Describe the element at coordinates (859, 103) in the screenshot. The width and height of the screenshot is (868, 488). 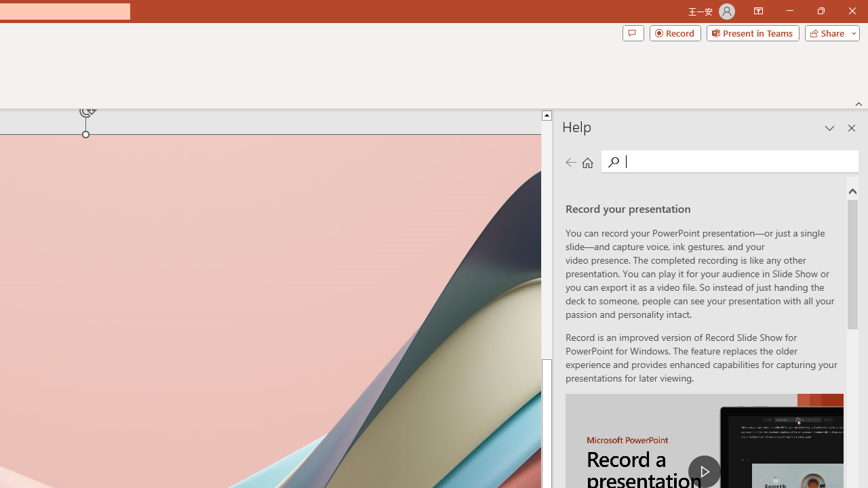
I see `'Collapse the Ribbon'` at that location.